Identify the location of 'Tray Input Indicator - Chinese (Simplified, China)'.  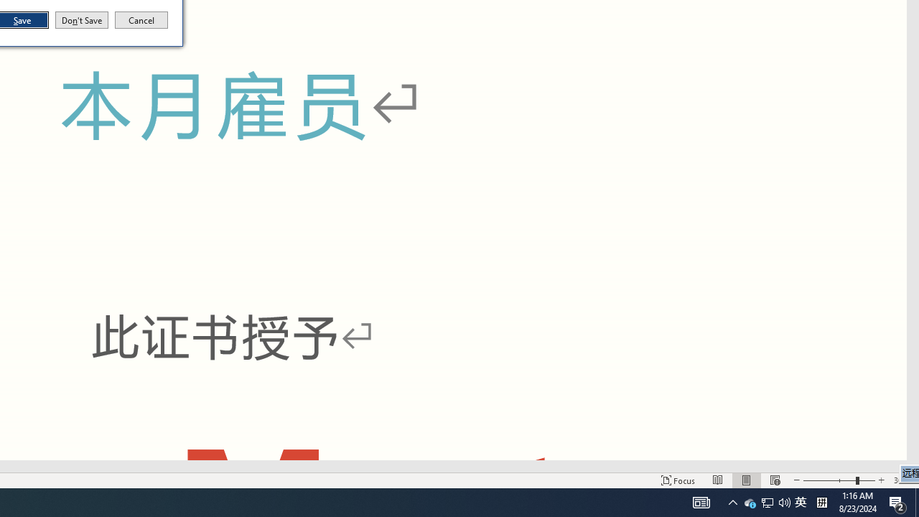
(821, 501).